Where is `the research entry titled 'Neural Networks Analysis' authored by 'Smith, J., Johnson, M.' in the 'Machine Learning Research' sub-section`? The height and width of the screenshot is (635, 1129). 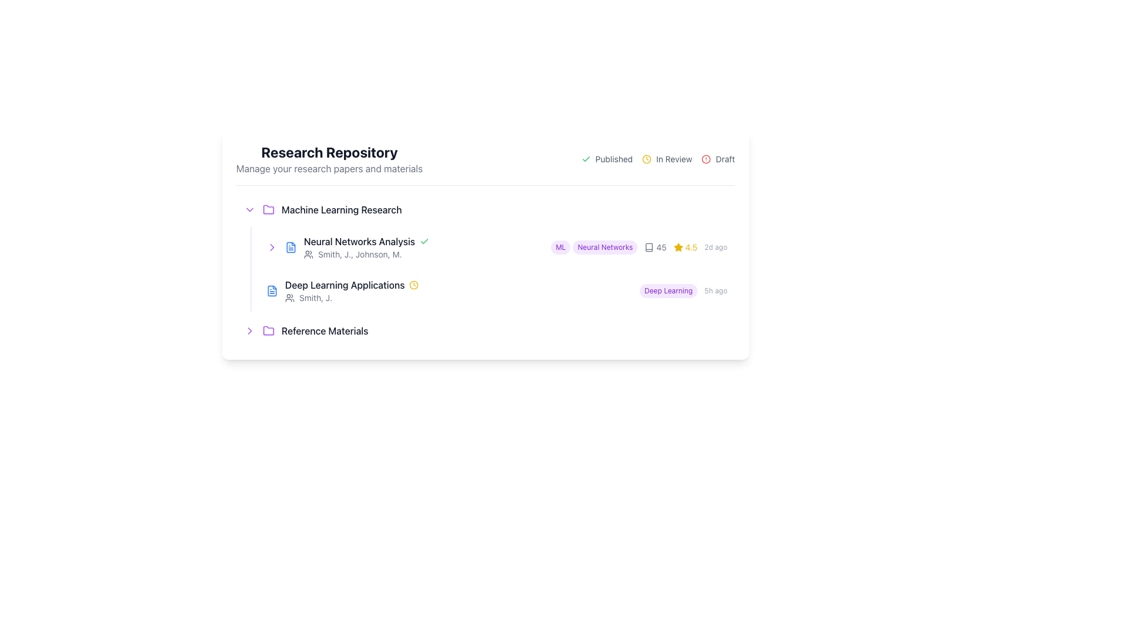 the research entry titled 'Neural Networks Analysis' authored by 'Smith, J., Johnson, M.' in the 'Machine Learning Research' sub-section is located at coordinates (423, 246).